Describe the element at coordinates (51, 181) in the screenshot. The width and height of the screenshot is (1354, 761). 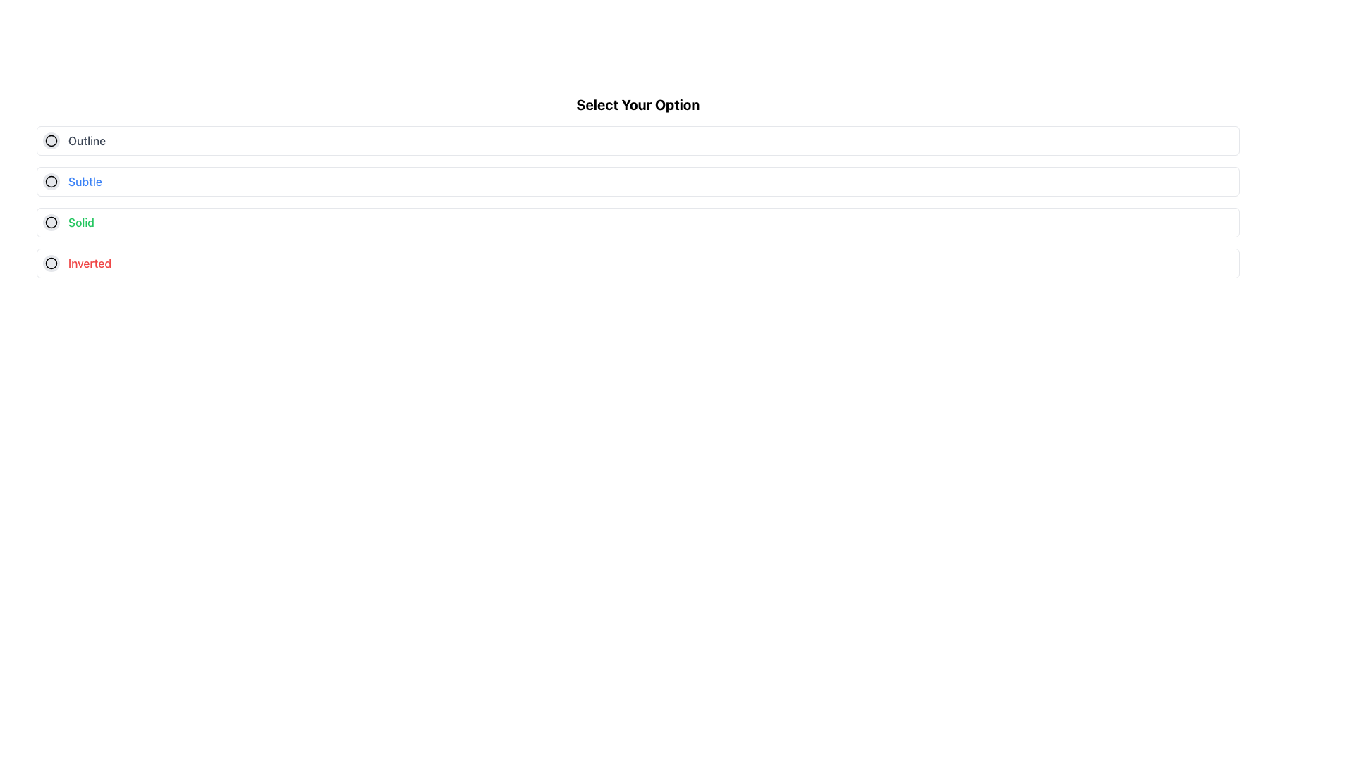
I see `the radio button that signifies the 'Subtle' option, which is located to the left of its label in the options group` at that location.